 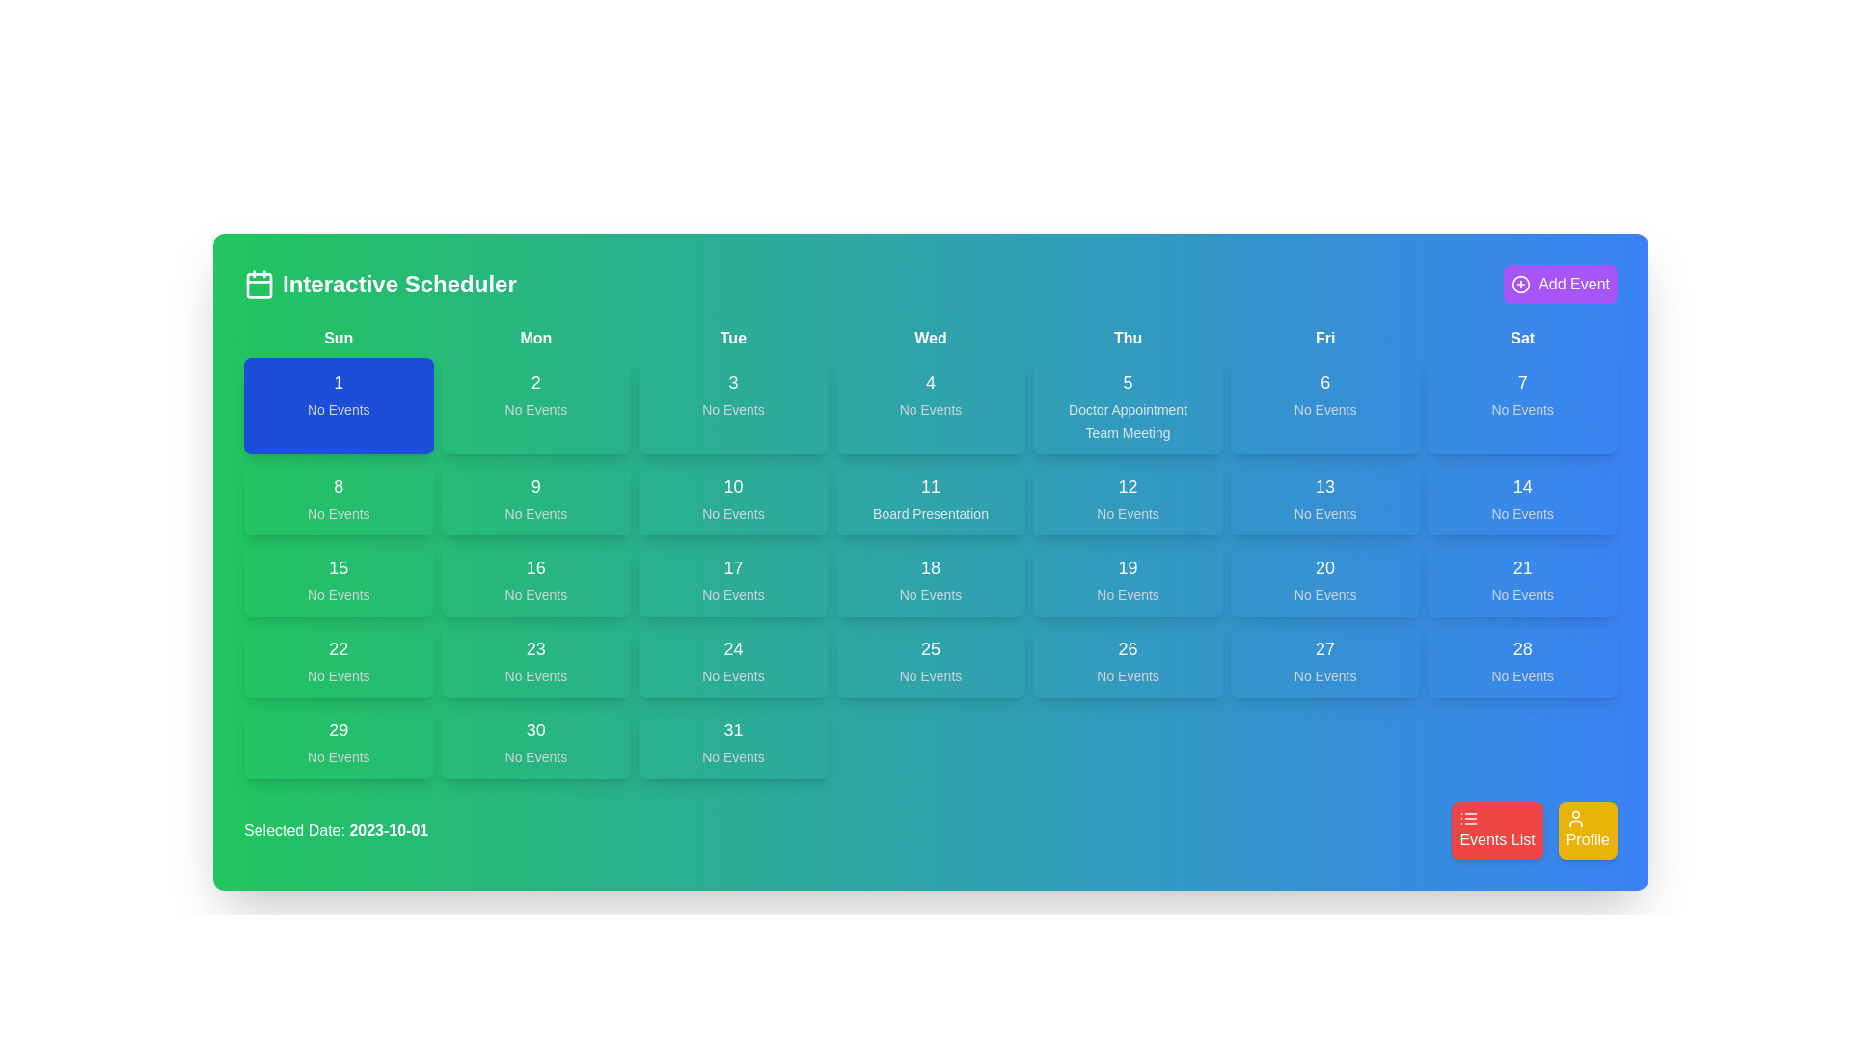 I want to click on the static text label reading 'No Events', which is styled in small gray text and located beneath the number '8' in the Sunday column of the calendar interface, so click(x=339, y=512).